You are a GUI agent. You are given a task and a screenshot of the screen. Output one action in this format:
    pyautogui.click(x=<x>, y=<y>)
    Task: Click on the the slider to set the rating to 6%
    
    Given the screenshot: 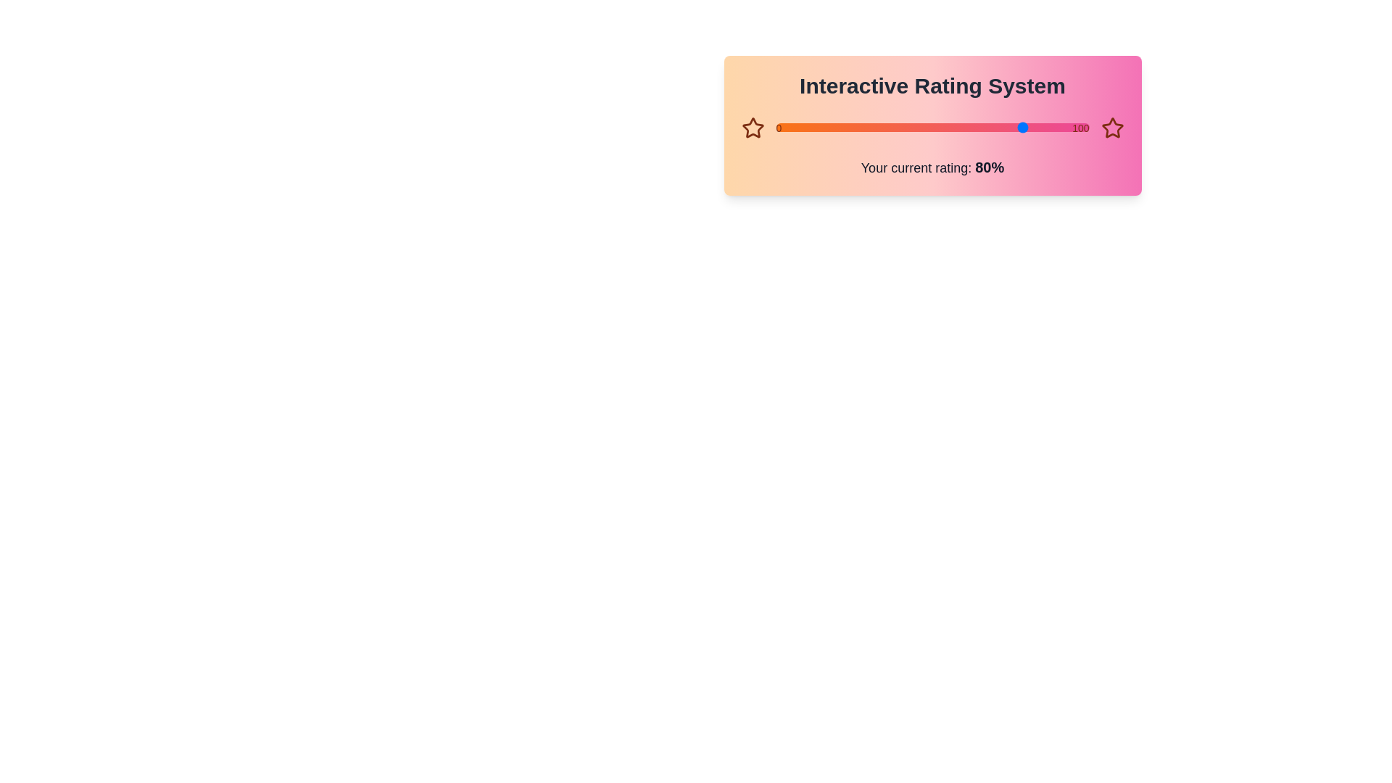 What is the action you would take?
    pyautogui.click(x=775, y=127)
    